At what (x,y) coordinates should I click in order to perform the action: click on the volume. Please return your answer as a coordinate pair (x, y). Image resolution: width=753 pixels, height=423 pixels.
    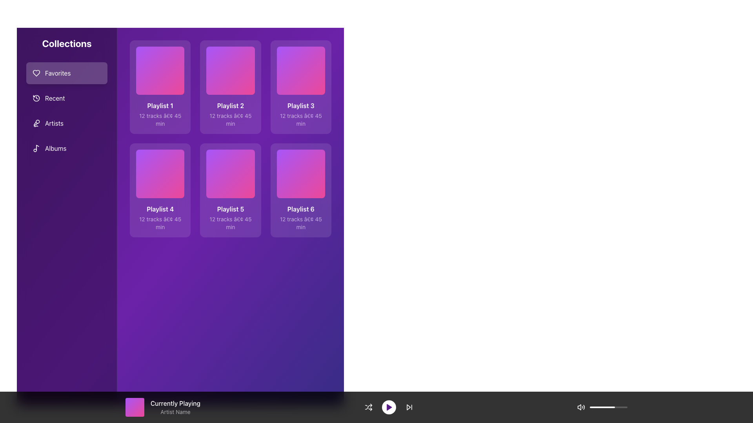
    Looking at the image, I should click on (605, 407).